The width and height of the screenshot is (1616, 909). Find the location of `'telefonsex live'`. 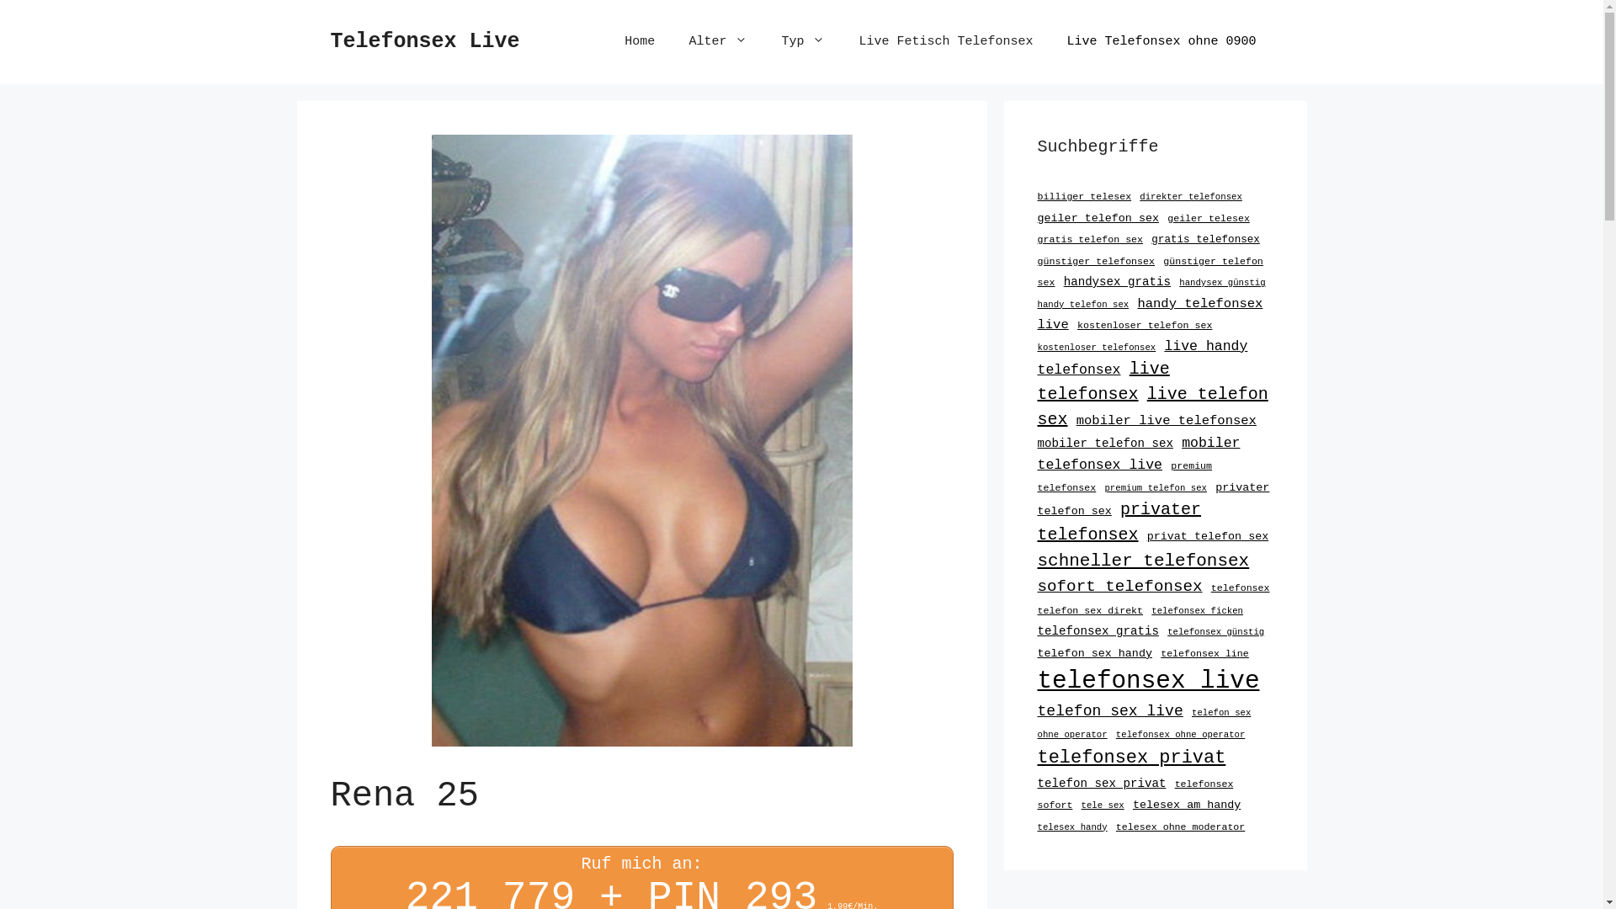

'telefonsex live' is located at coordinates (1146, 680).